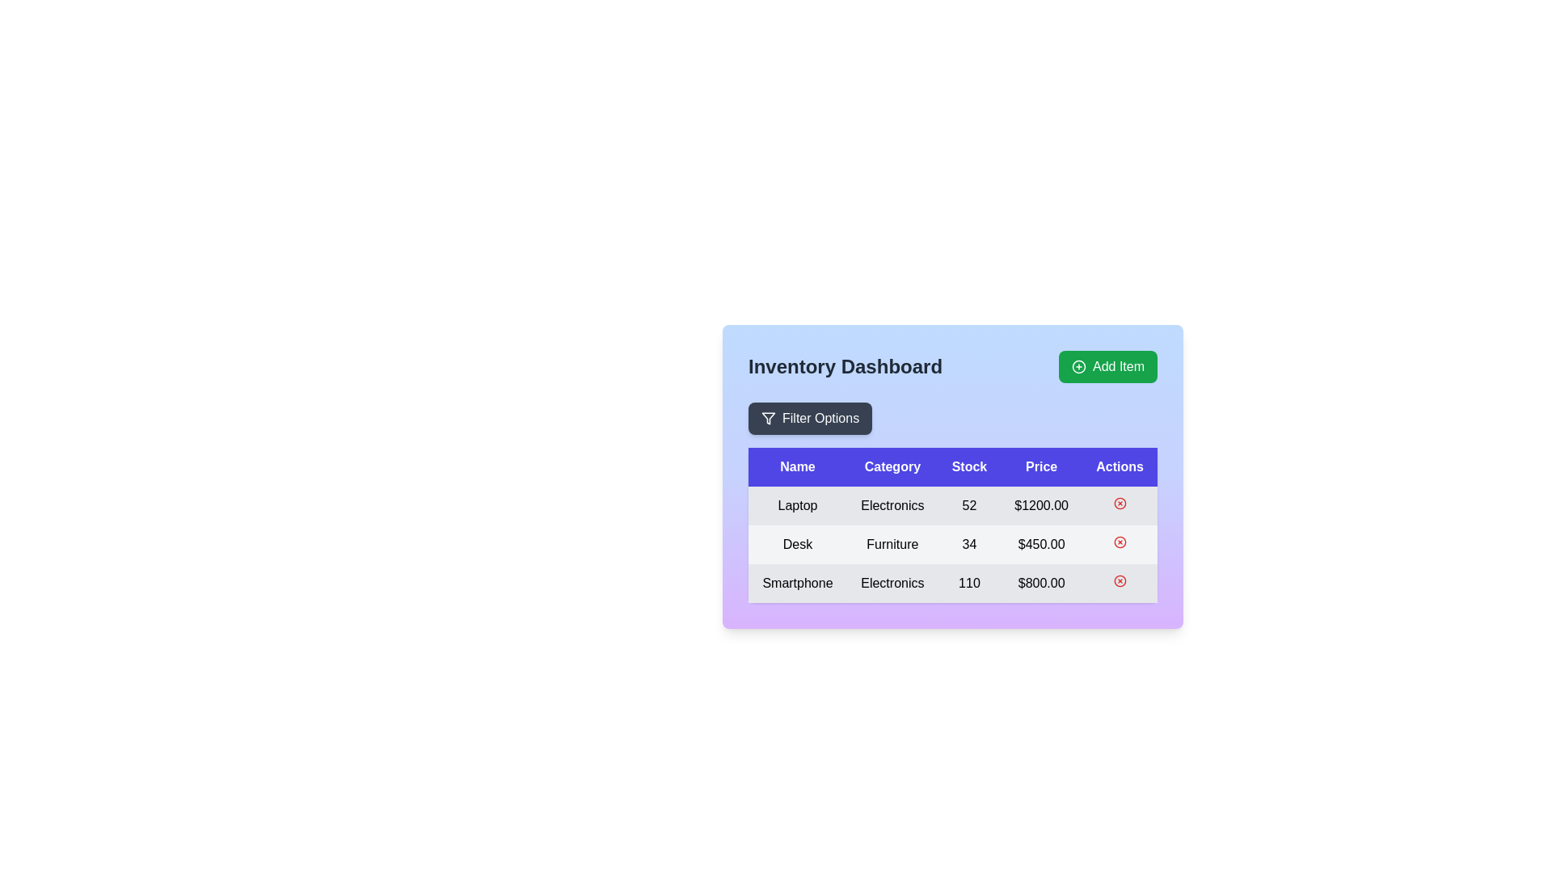 This screenshot has height=873, width=1552. What do you see at coordinates (1041, 467) in the screenshot?
I see `the 'Price' column header cell in the data table, which is the fourth column header located between 'Stock' and 'Actions'` at bounding box center [1041, 467].